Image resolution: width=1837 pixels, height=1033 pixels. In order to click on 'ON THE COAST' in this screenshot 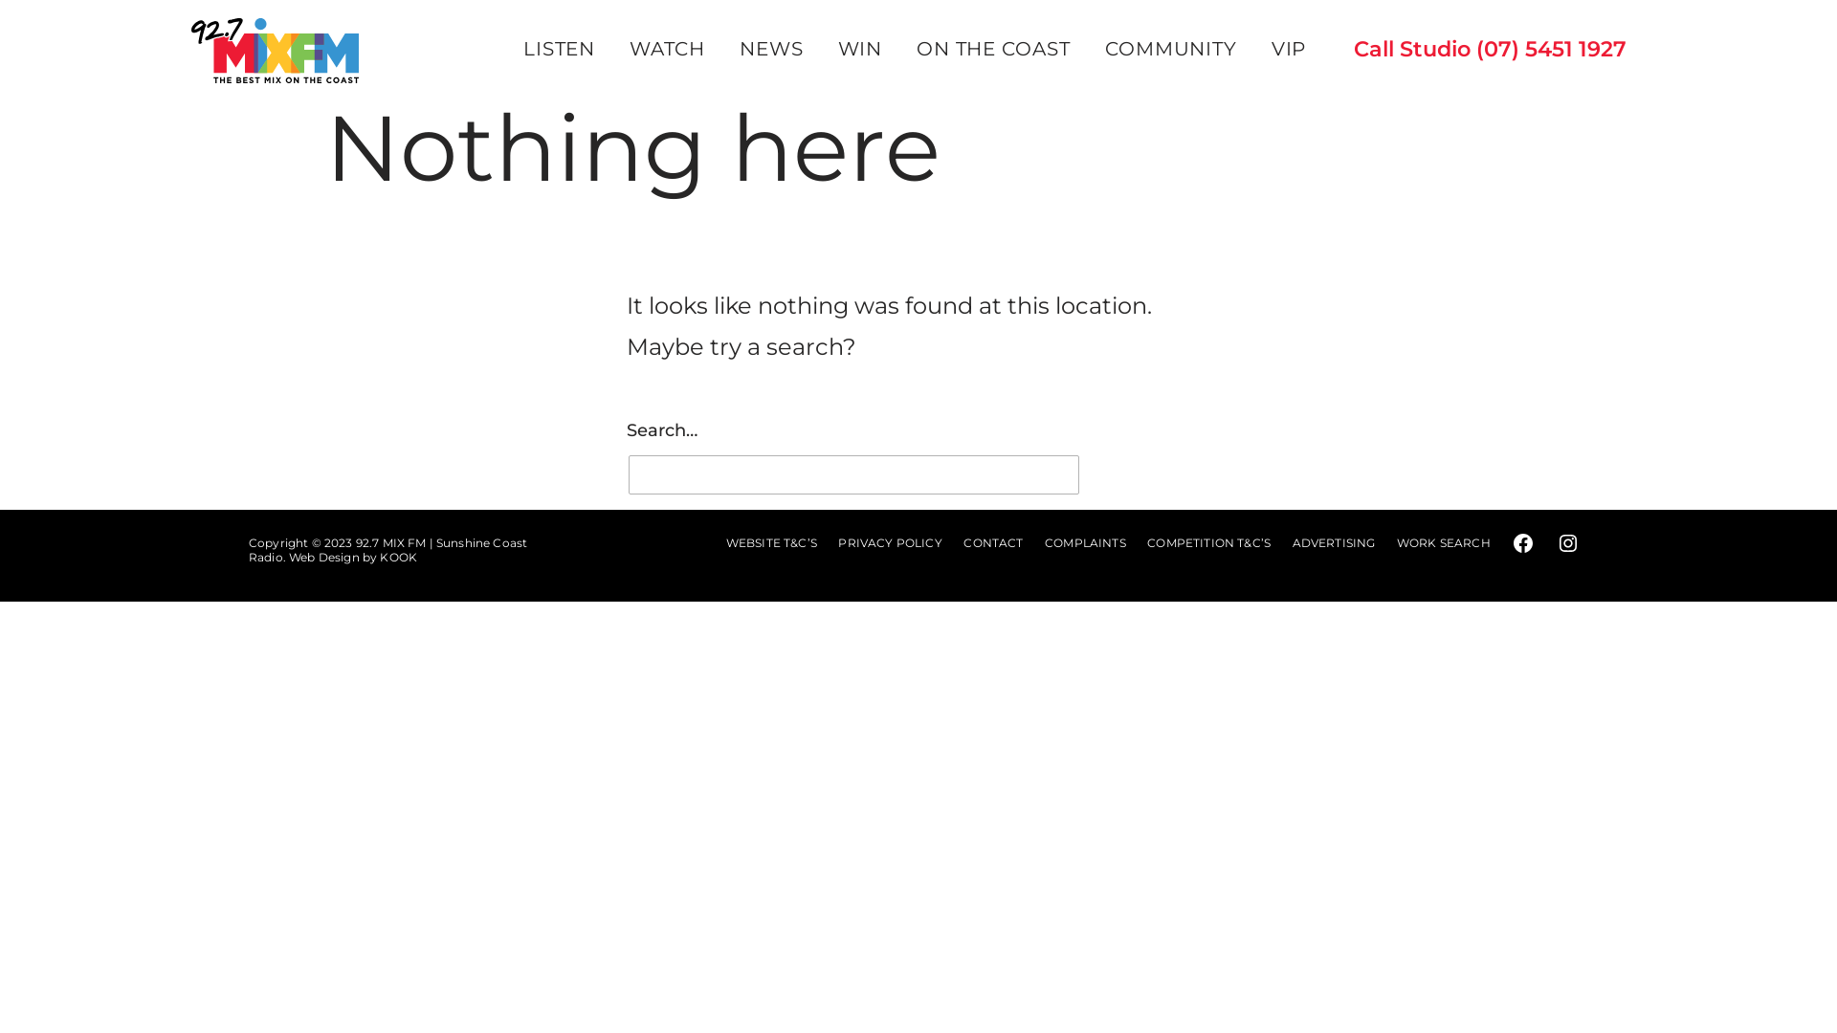, I will do `click(992, 47)`.